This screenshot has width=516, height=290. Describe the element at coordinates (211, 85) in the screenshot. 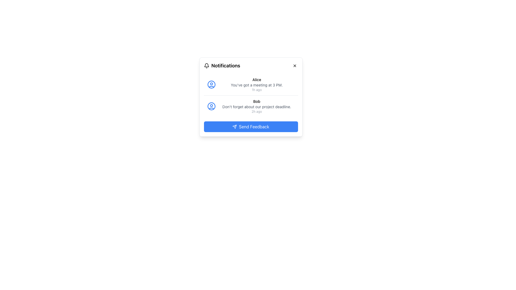

I see `the blue circled user silhouette profile icon in the notification list, which is located next to the text 'Alice You've got a meeting at 3 PM. 1h ago'` at that location.